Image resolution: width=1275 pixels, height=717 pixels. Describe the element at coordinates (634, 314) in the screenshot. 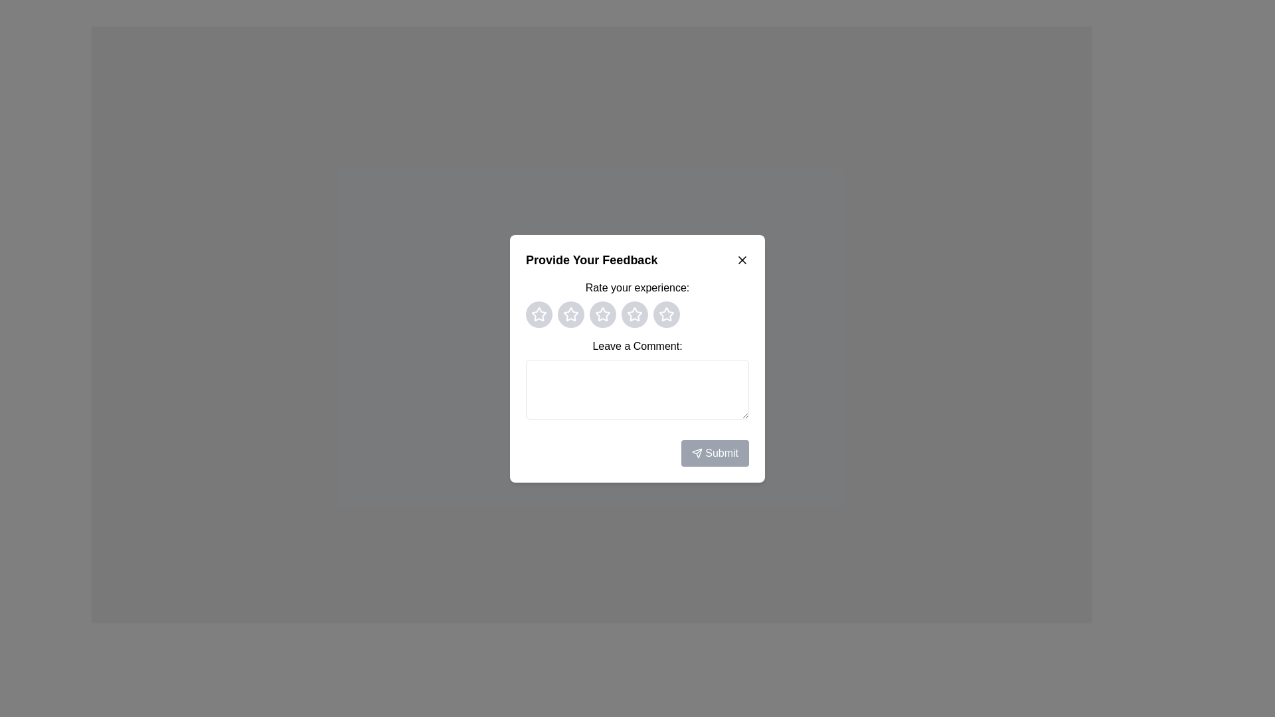

I see `the circular button with a light gray background and a white star icon at its center` at that location.